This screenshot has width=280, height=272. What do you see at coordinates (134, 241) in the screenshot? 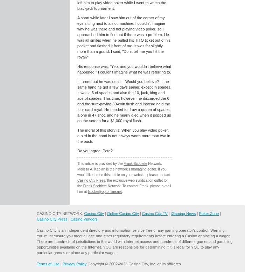
I see `'Casino City is an independent directory and information service free of any gaming operator's control.
			Warning: You must ensure you meet all age and other regulatory requirements before entering a
			Casino or placing a wager.  There are hundreds of jurisdictions in the world with Internet access and
			hundreds of different games and gambling opportunities available on the Internet.
			YOU are responsible for determining if it is legal for YOU to play any particular games or place any
			particular wager.'` at bounding box center [134, 241].